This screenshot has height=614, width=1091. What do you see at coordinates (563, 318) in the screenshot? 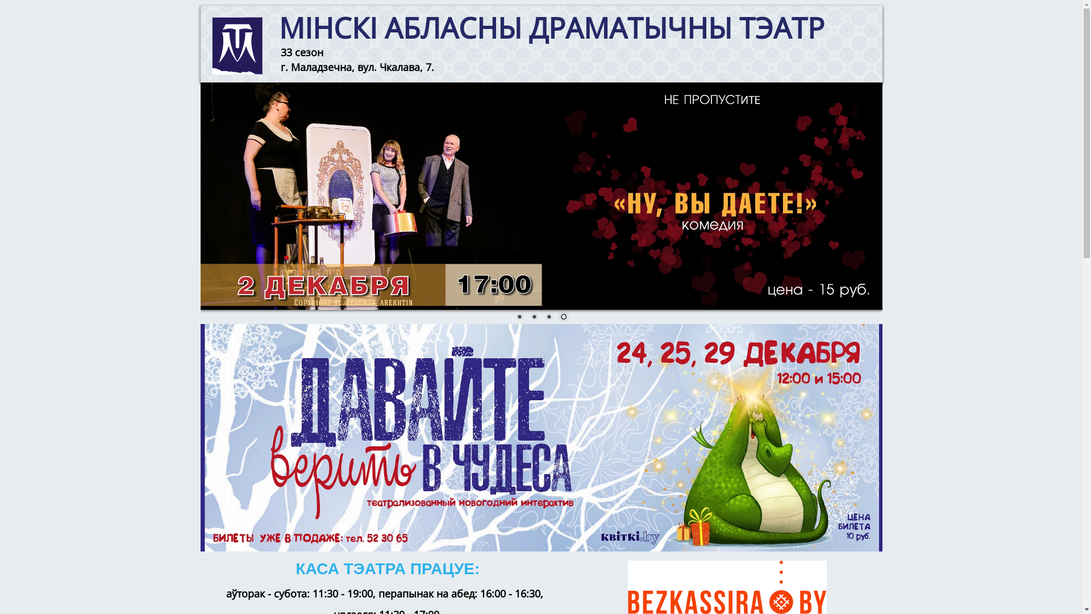
I see `'4'` at bounding box center [563, 318].